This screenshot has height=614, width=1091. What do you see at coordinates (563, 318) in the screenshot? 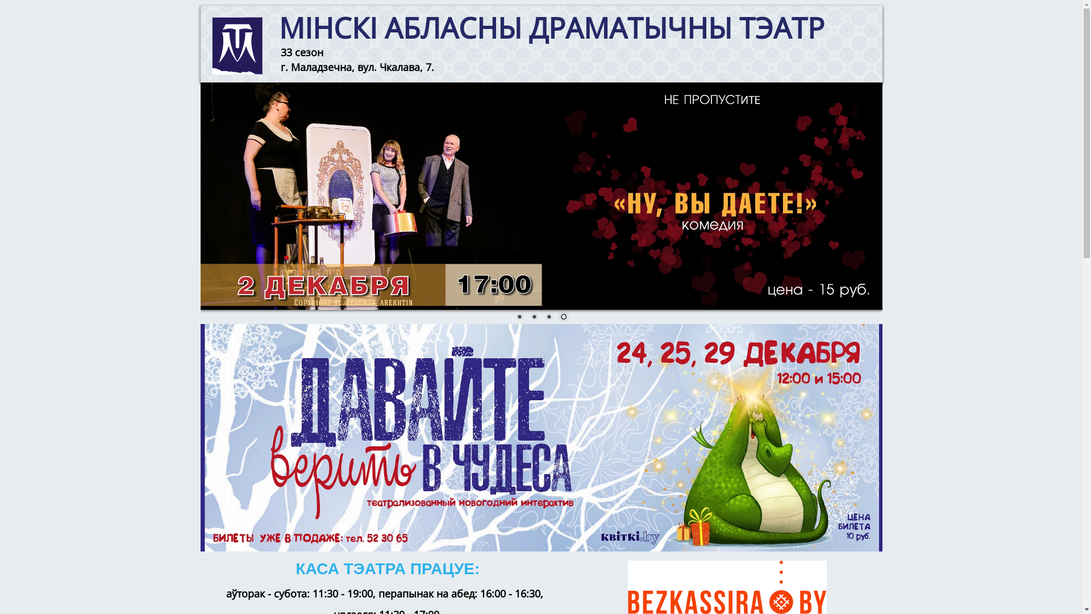
I see `'4'` at bounding box center [563, 318].